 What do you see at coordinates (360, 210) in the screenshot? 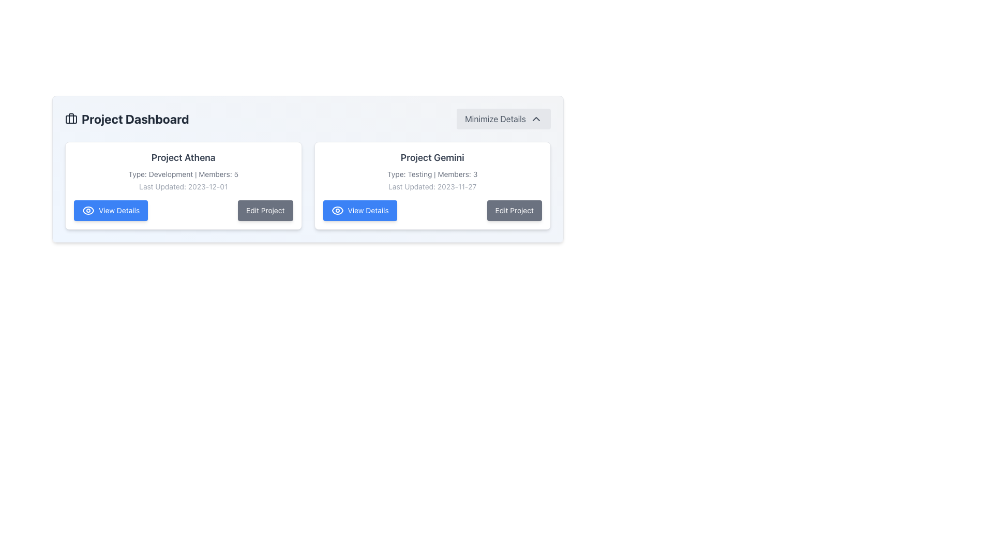
I see `the button that allows users` at bounding box center [360, 210].